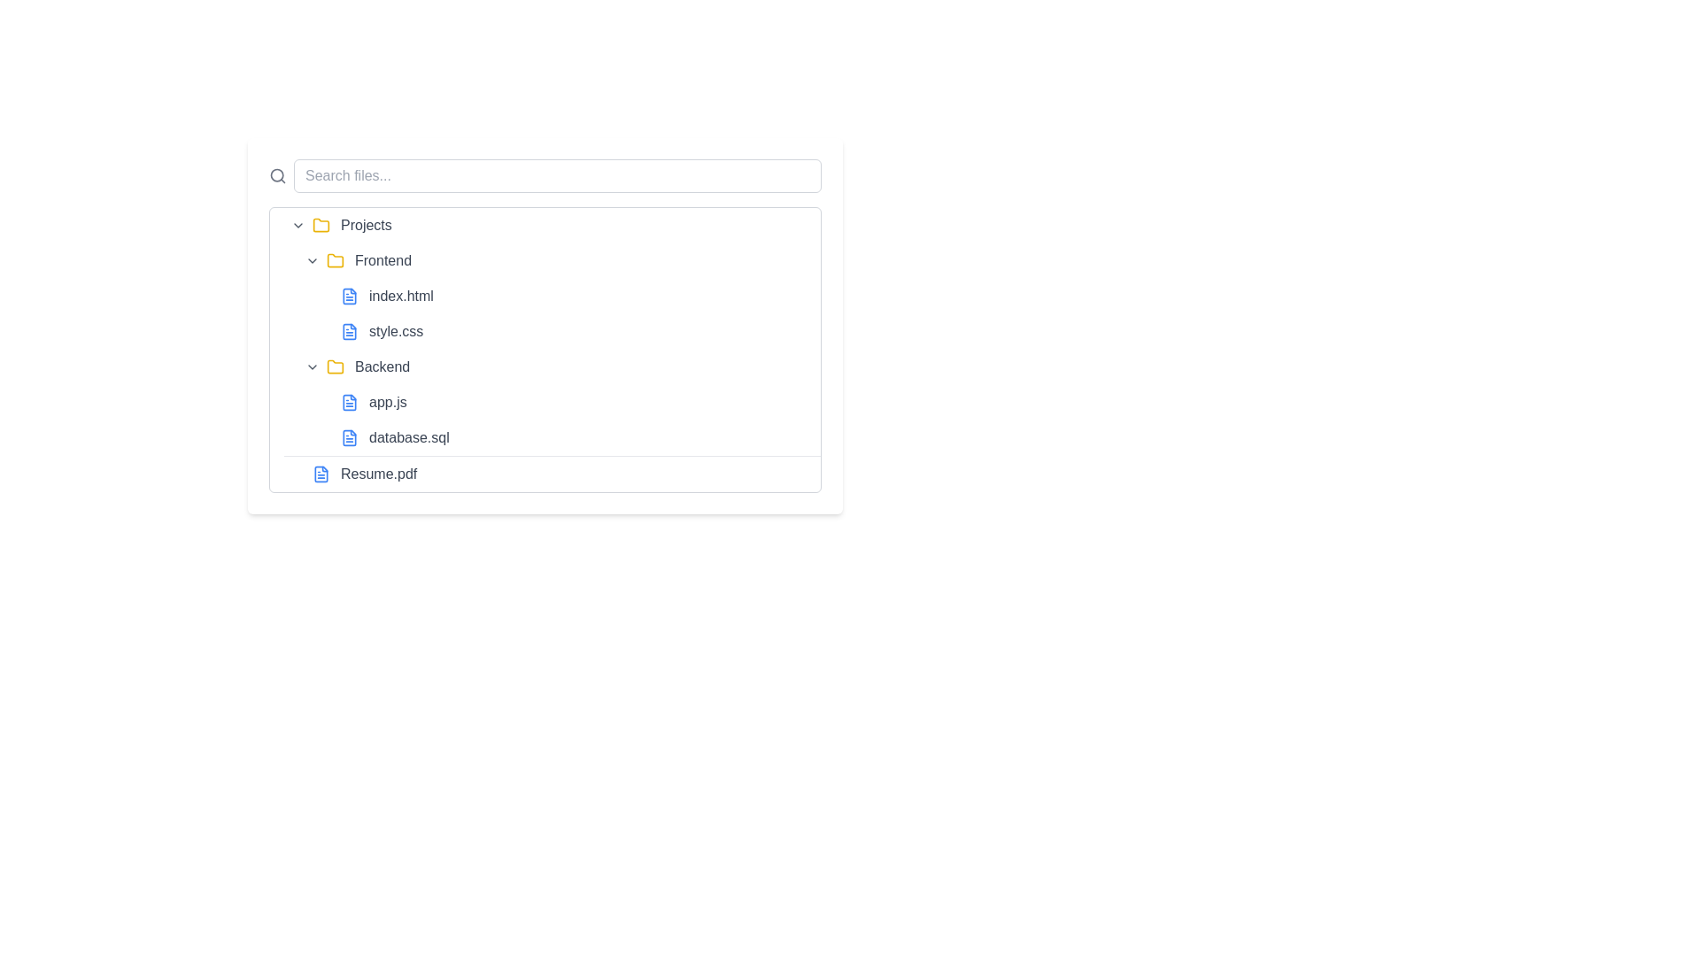 The width and height of the screenshot is (1700, 956). What do you see at coordinates (349, 331) in the screenshot?
I see `the Icon representation of the 'style.css' file located in the left column of the interface, directly to the left of the file name within the 'Frontend' folder section` at bounding box center [349, 331].